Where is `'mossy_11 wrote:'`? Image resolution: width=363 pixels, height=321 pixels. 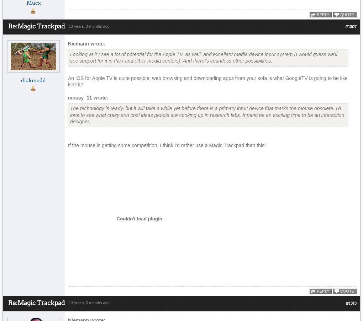
'mossy_11 wrote:' is located at coordinates (88, 97).